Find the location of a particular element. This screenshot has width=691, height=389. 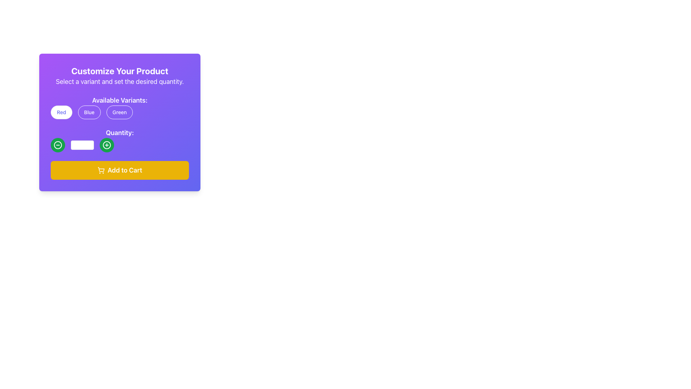

the green circular button with a minus sign located in the 'Quantity' section of the product customization interface is located at coordinates (58, 145).